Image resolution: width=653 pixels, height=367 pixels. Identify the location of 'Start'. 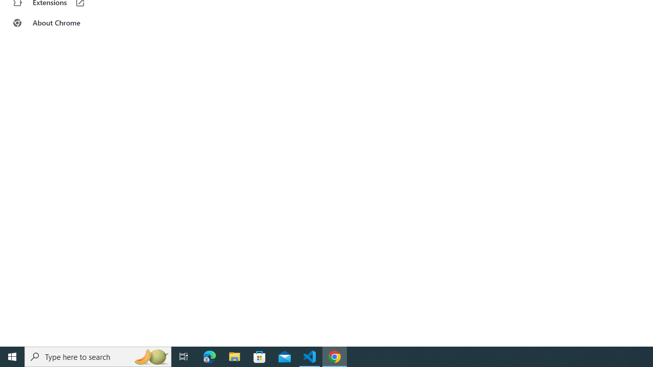
(12, 356).